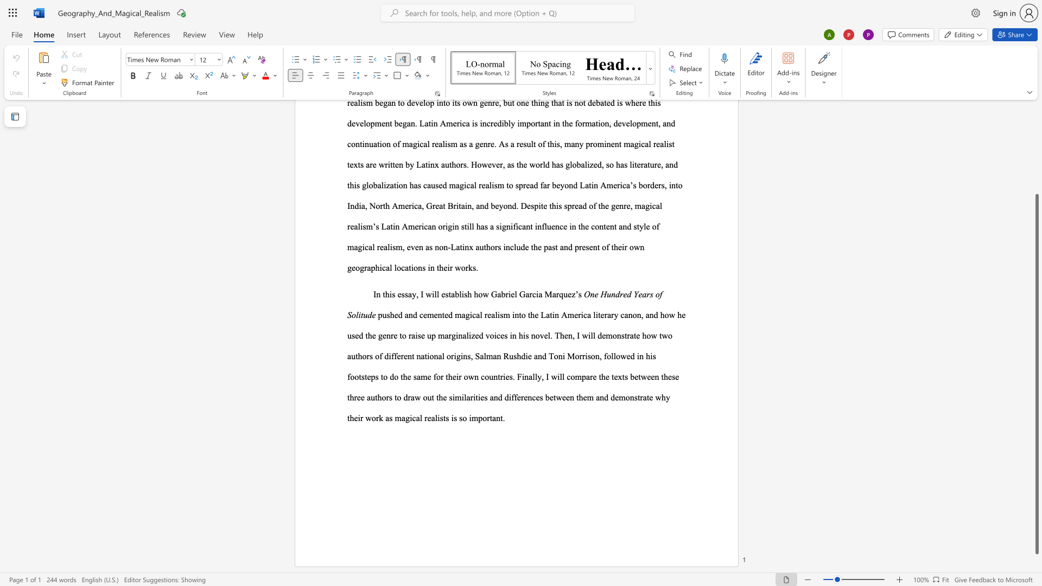  Describe the element at coordinates (1036, 152) in the screenshot. I see `the scrollbar to move the view up` at that location.